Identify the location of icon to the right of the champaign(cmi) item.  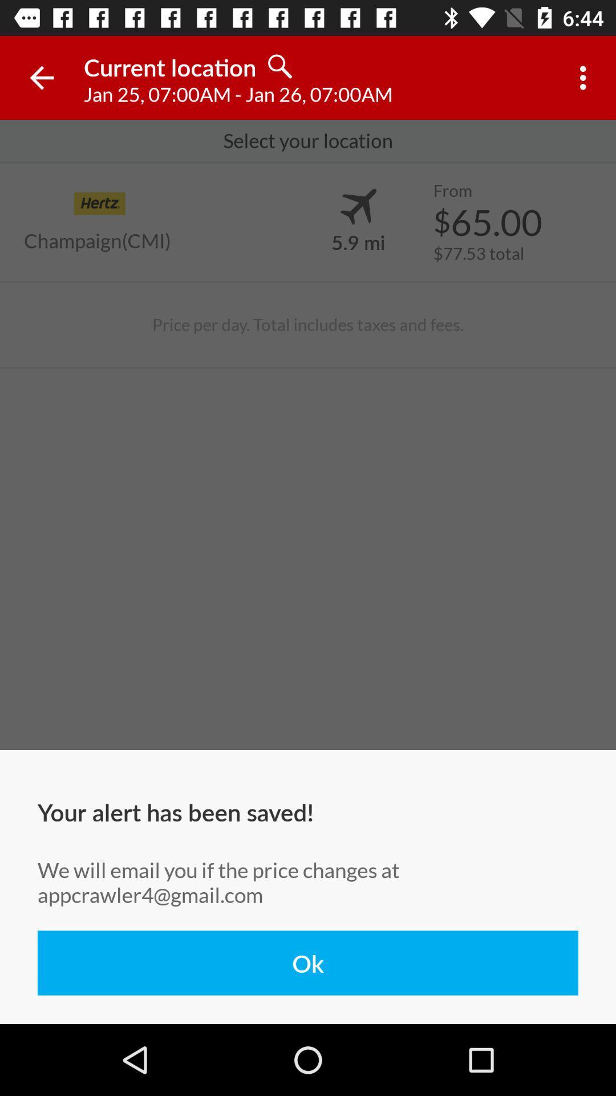
(358, 241).